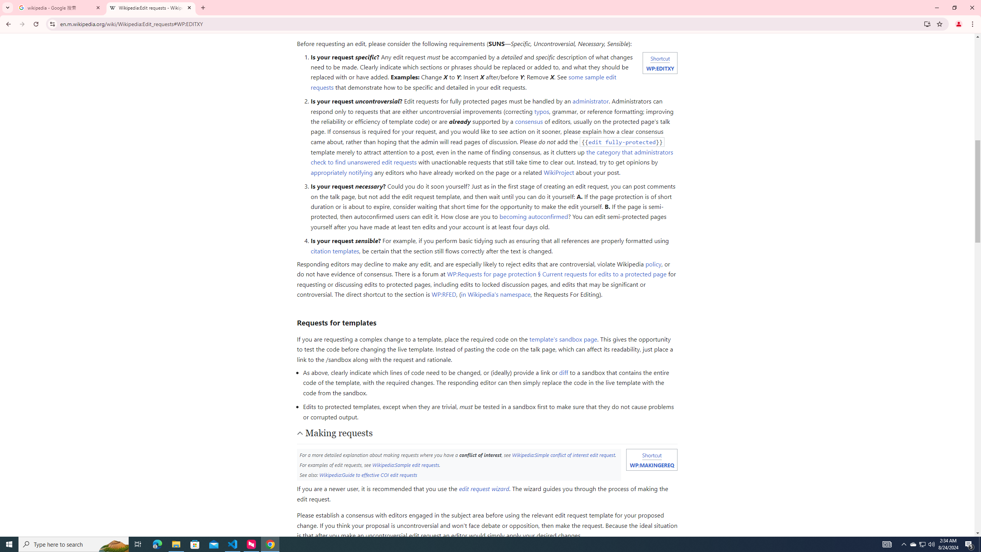 The height and width of the screenshot is (552, 981). Describe the element at coordinates (405, 464) in the screenshot. I see `'Wikipedia:Sample edit requests'` at that location.